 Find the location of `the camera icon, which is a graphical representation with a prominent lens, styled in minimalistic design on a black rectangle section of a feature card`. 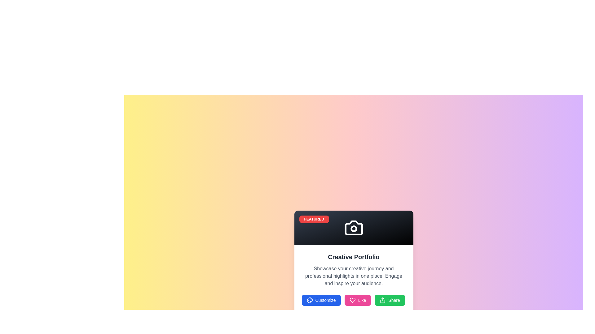

the camera icon, which is a graphical representation with a prominent lens, styled in minimalistic design on a black rectangle section of a feature card is located at coordinates (354, 228).